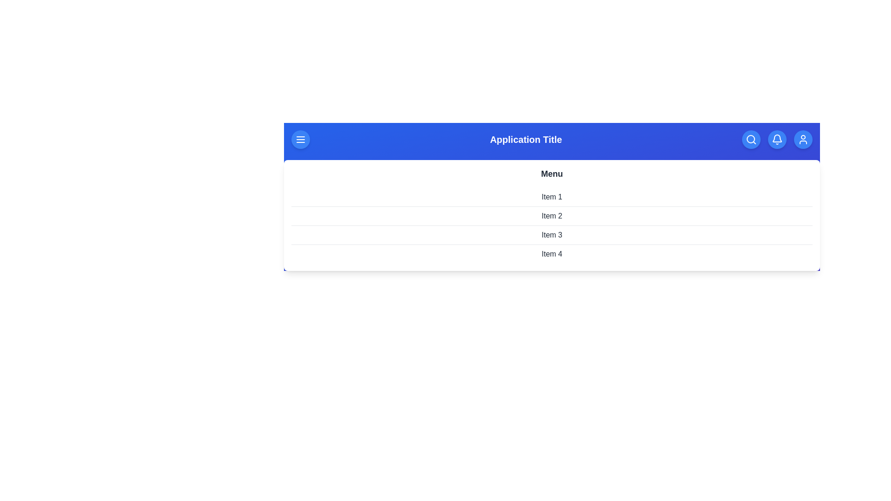 The height and width of the screenshot is (501, 891). What do you see at coordinates (301, 139) in the screenshot?
I see `menu button to toggle the menu visibility` at bounding box center [301, 139].